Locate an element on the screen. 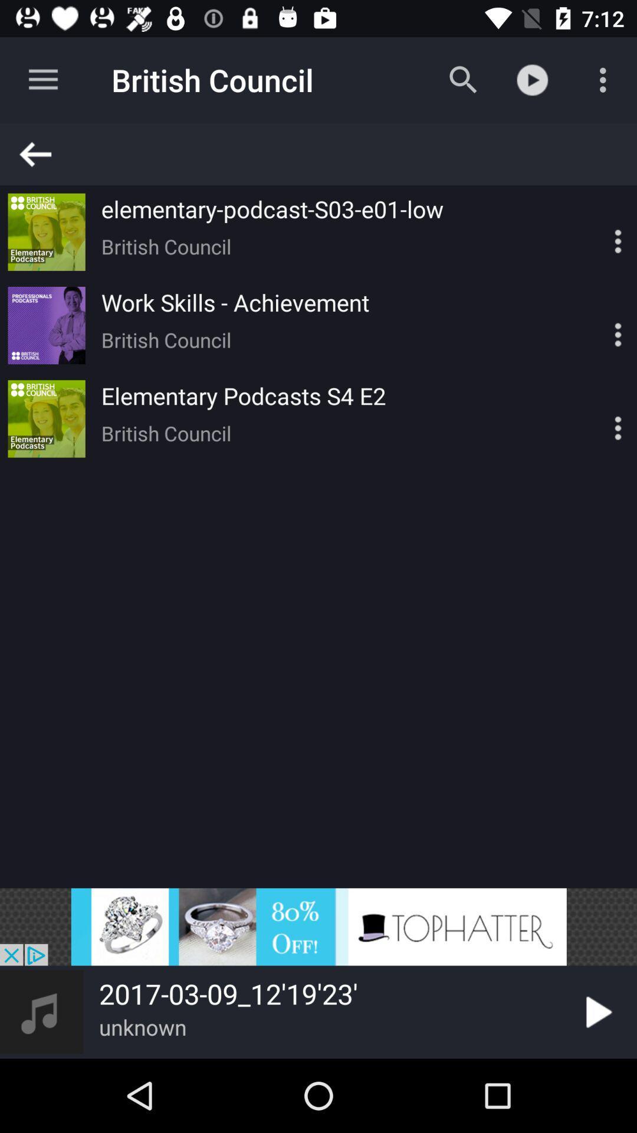 Image resolution: width=637 pixels, height=1133 pixels. mp3 player is located at coordinates (318, 926).